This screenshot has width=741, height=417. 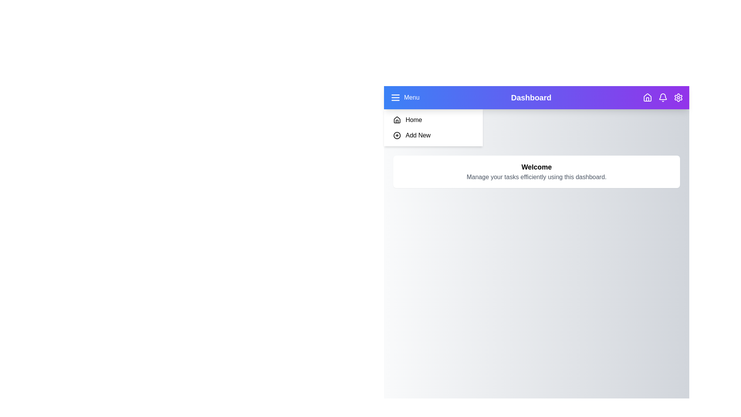 I want to click on the 'Menu' button to toggle the sidebar visibility, so click(x=404, y=97).